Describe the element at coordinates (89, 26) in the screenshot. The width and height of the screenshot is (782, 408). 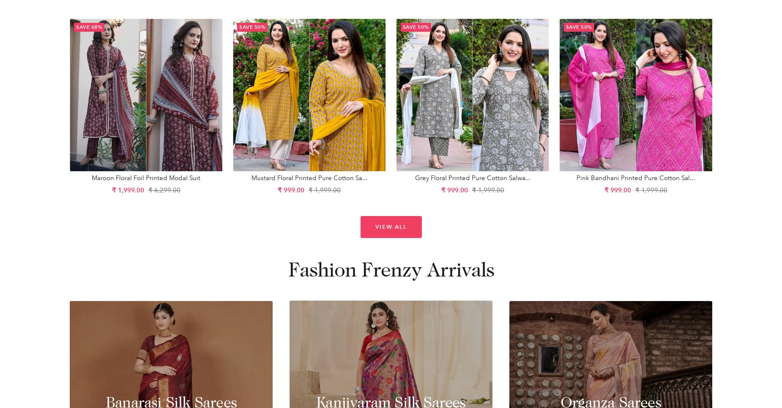
I see `'Save 68%'` at that location.